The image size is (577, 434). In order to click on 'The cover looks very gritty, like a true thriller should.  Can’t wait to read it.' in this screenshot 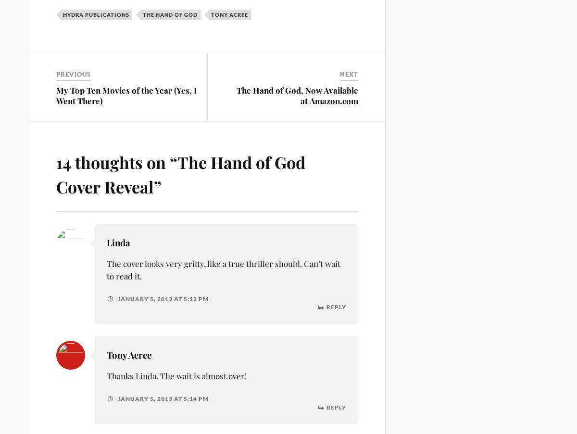, I will do `click(223, 269)`.